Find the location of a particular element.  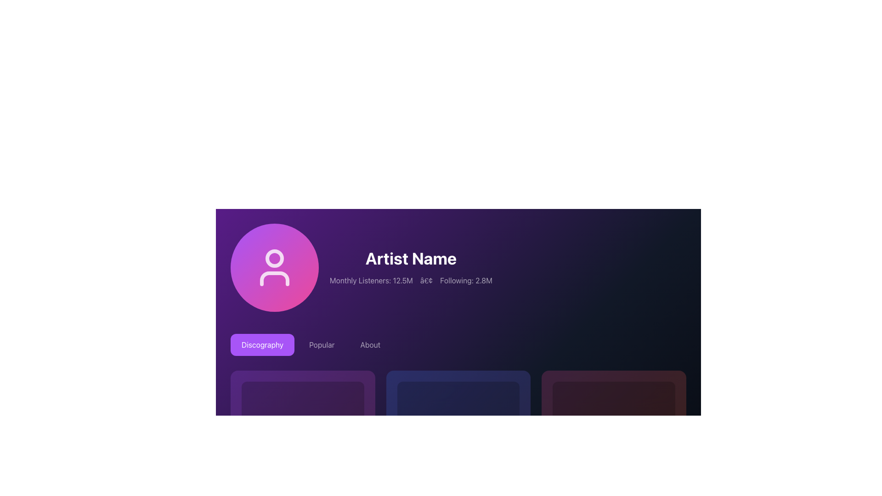

information displayed in the 'Artist Name' section, which includes the artist's name in bold followed by listener and follower statistics is located at coordinates (410, 267).